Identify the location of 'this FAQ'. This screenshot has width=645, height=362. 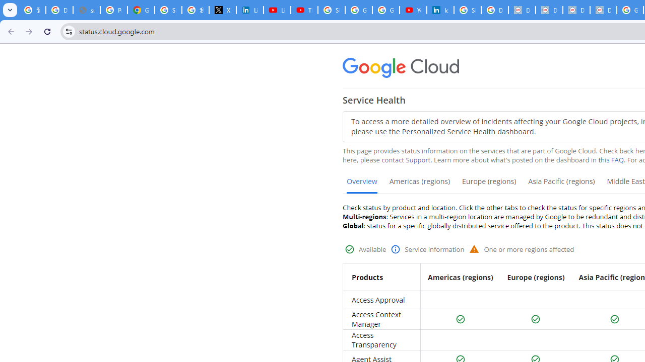
(610, 159).